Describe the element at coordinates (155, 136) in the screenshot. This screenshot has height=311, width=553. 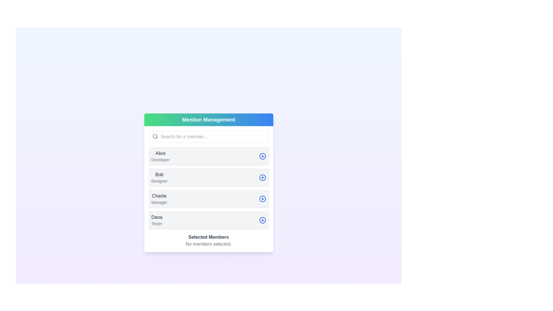
I see `the magnifying glass icon's lens represented by a circle, located on the extreme left of the search bar beneath the 'Mention Management' heading` at that location.